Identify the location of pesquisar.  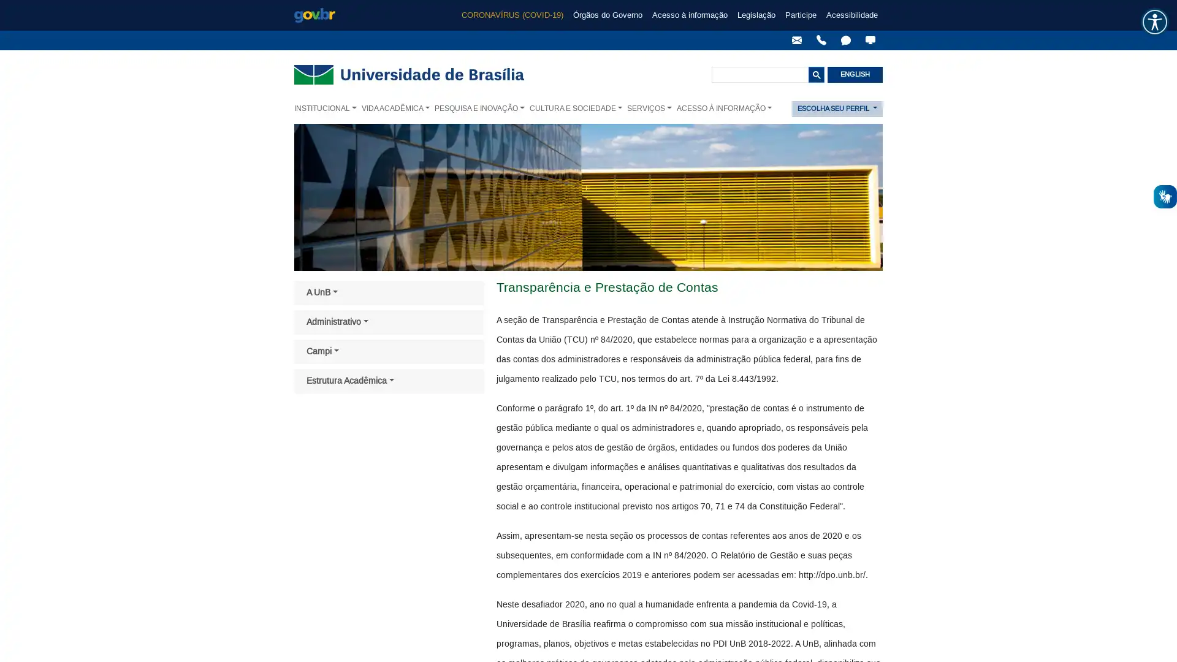
(817, 75).